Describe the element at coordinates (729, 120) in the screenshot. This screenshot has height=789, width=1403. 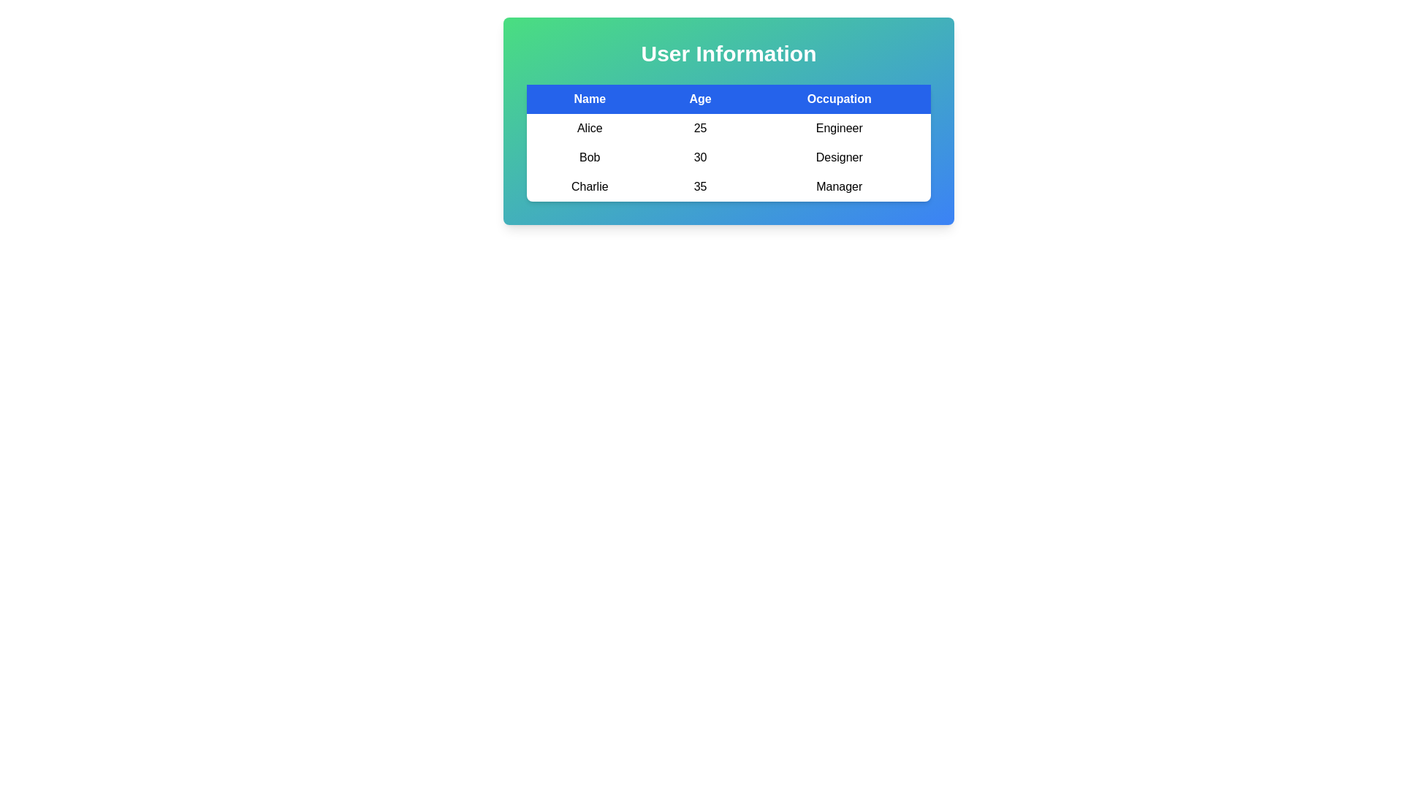
I see `displayed information from the informational panel titled 'User Information', which is a rectangular box with a gradient background from green to blue, containing user details such as Name, Age, and Occupation` at that location.